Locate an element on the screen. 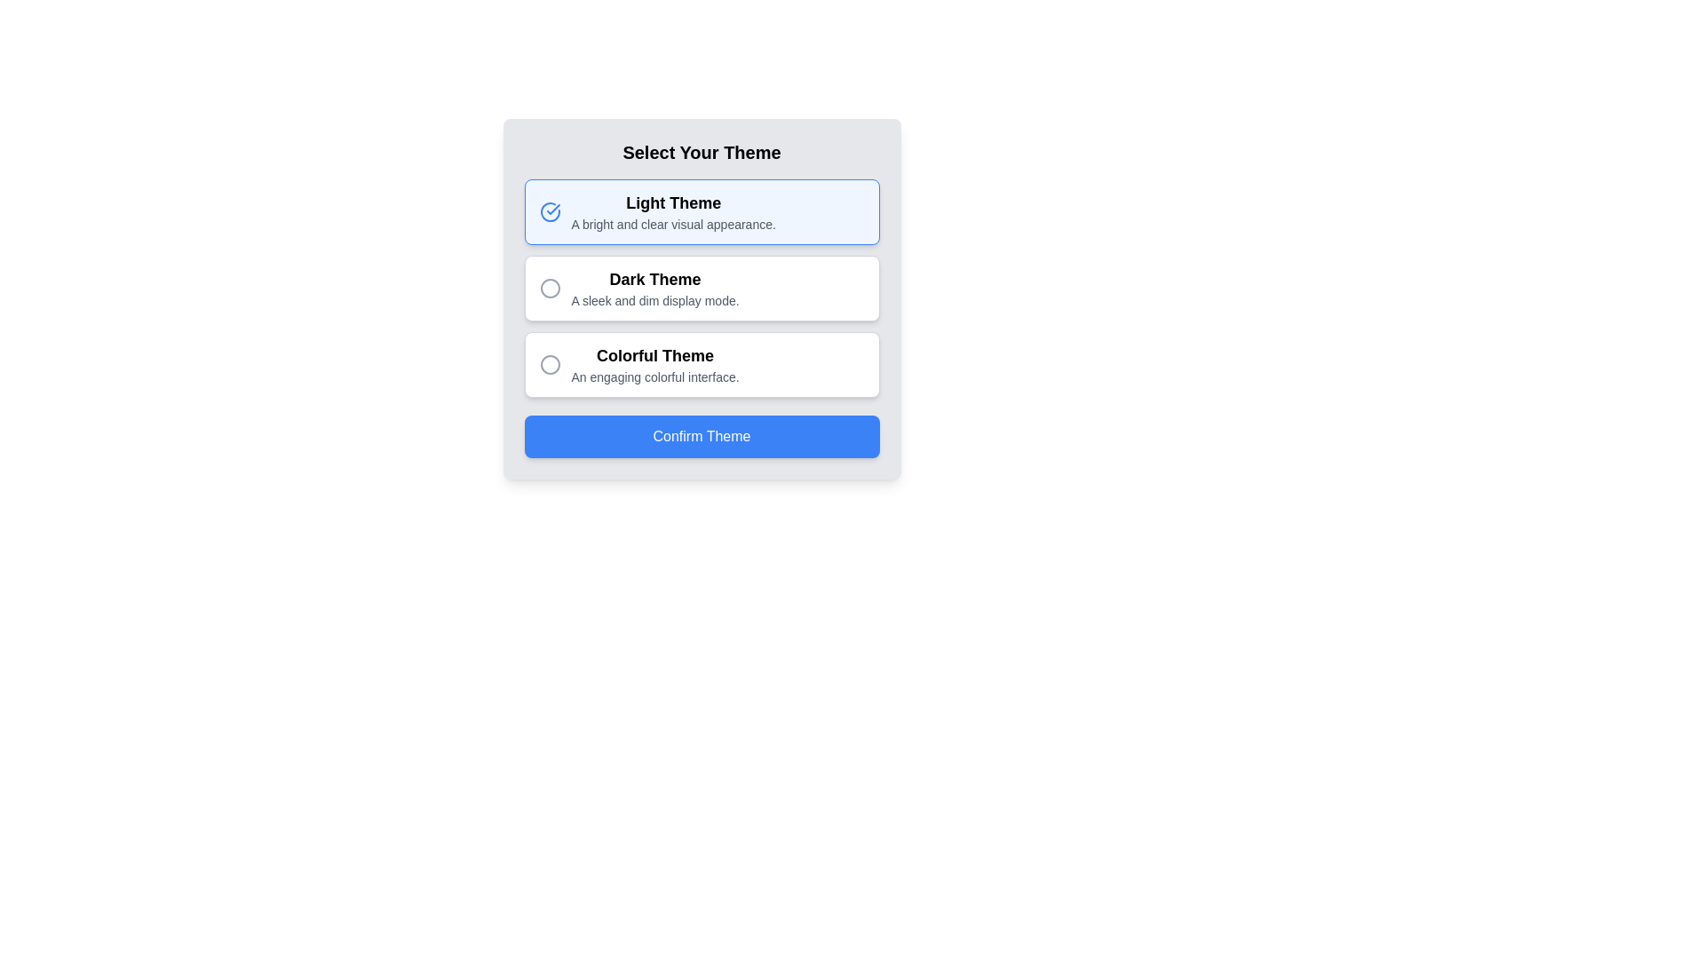 The width and height of the screenshot is (1705, 959). the Radio button indicator for the 'Colorful Theme' option is located at coordinates (549, 364).